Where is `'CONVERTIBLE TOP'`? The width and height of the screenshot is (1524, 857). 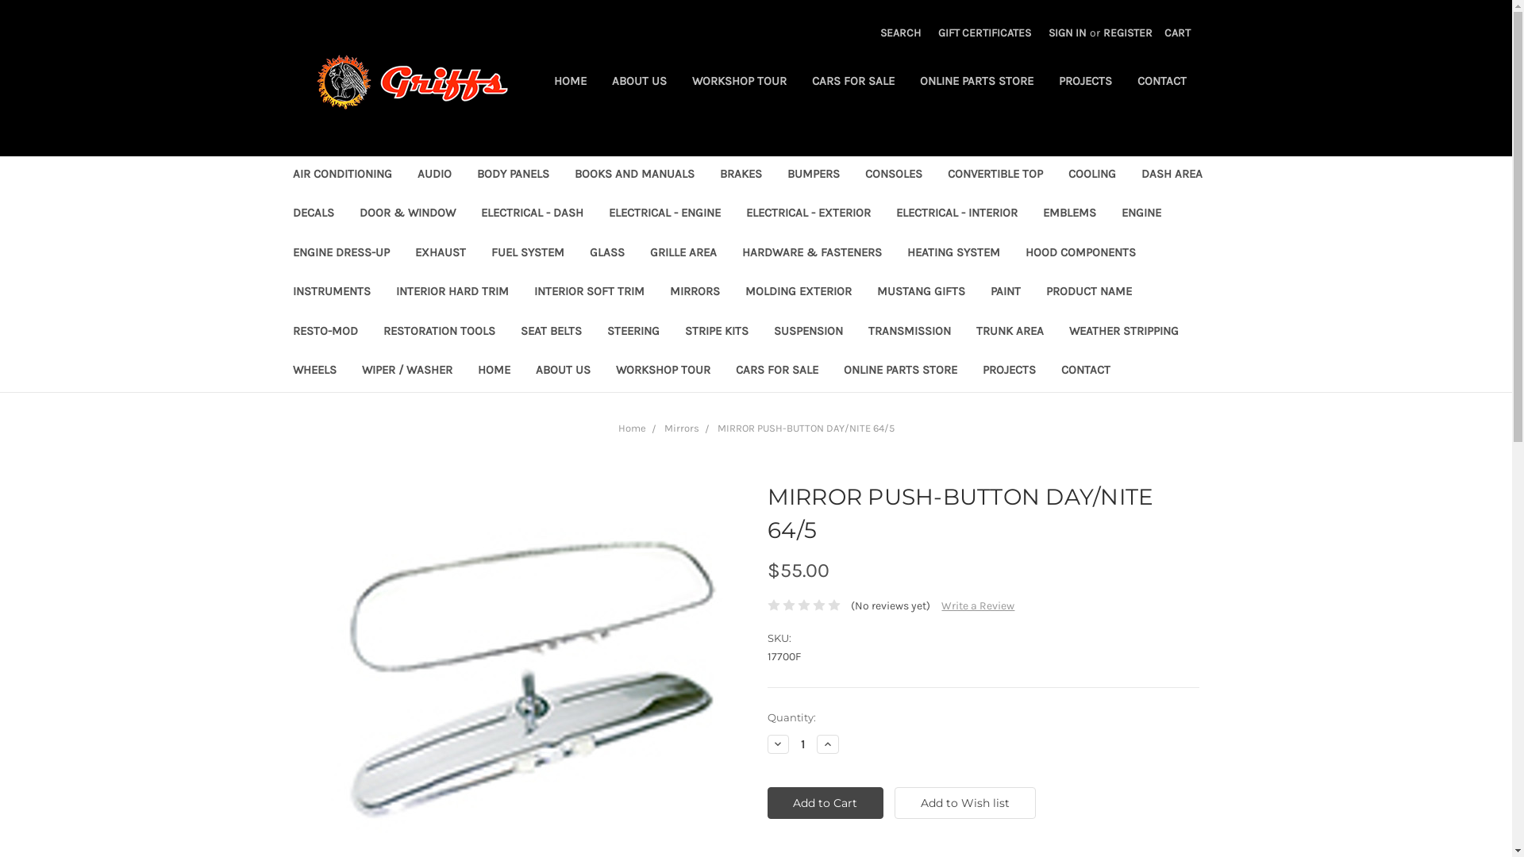 'CONVERTIBLE TOP' is located at coordinates (994, 175).